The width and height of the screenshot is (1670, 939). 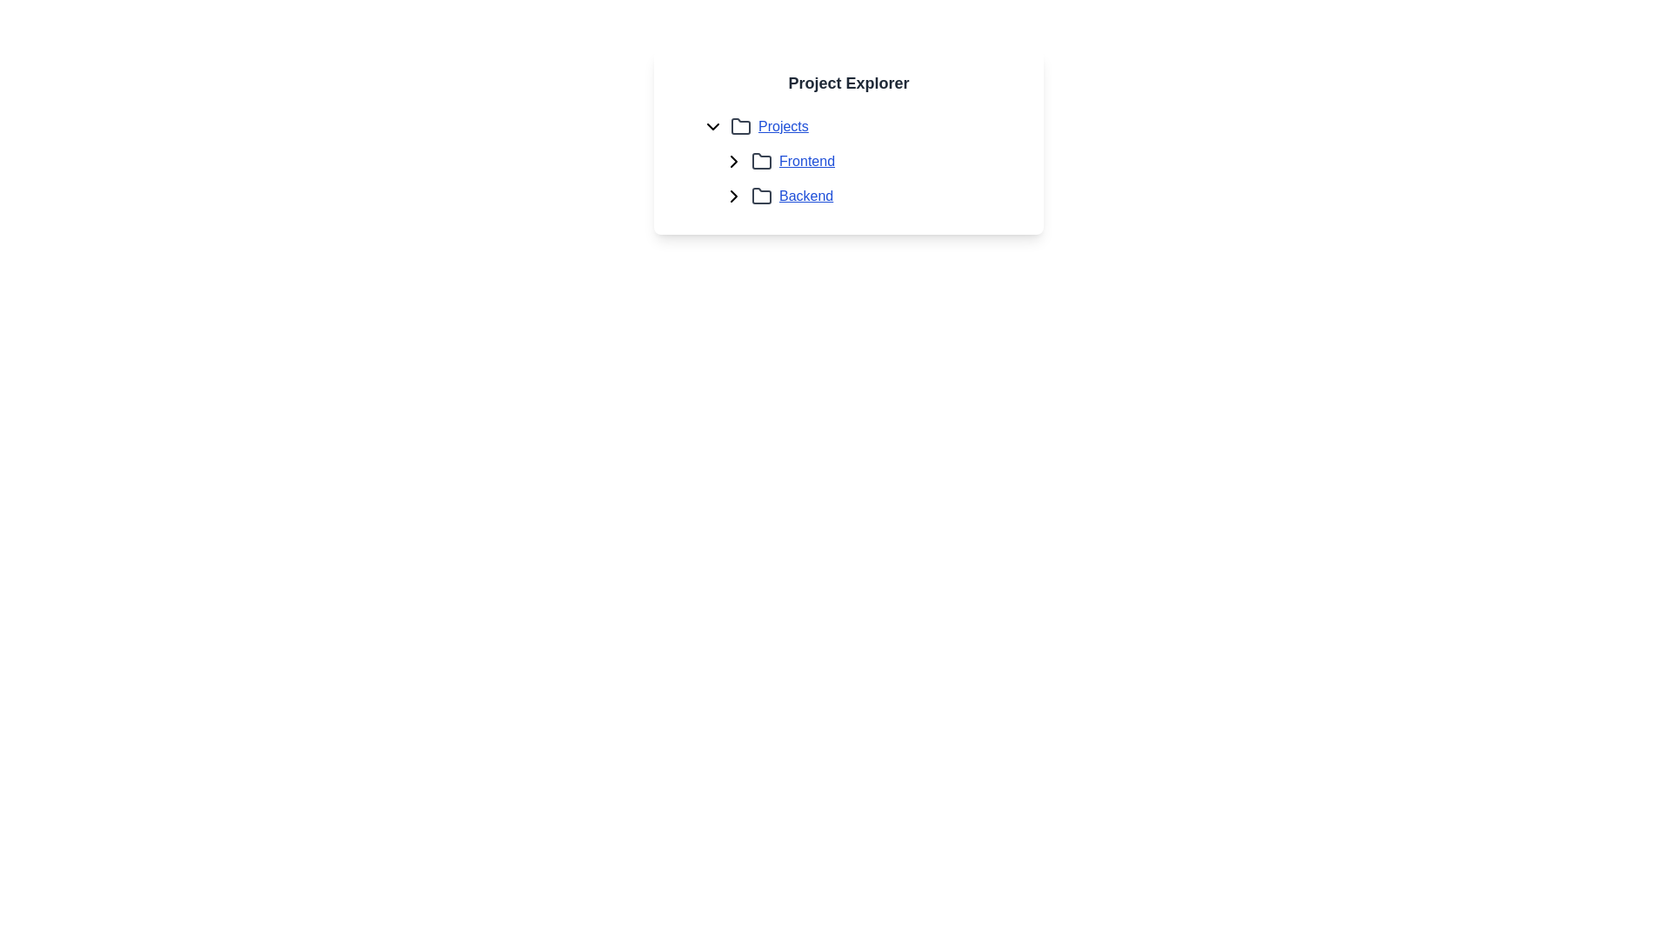 What do you see at coordinates (761, 196) in the screenshot?
I see `the folder icon that represents the 'Backend' section in the project explorer interface` at bounding box center [761, 196].